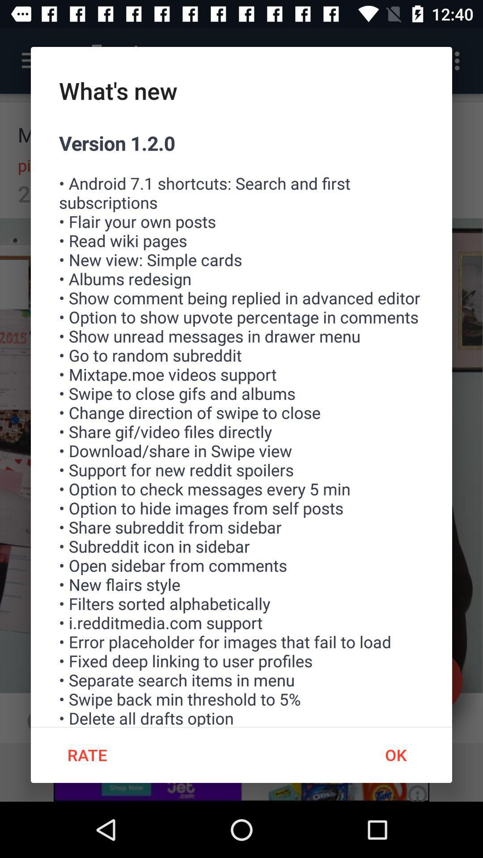 This screenshot has width=483, height=858. Describe the element at coordinates (241, 428) in the screenshot. I see `item above rate icon` at that location.